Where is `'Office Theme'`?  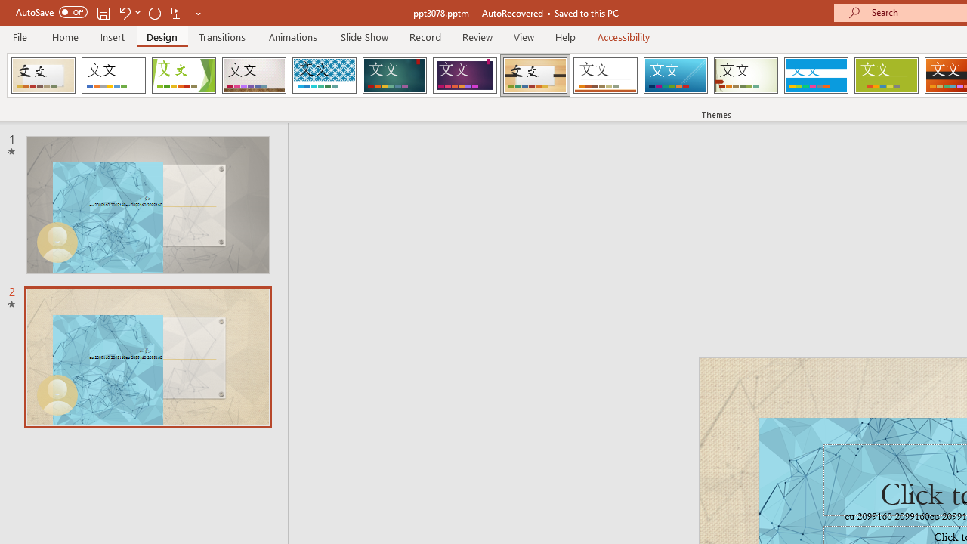 'Office Theme' is located at coordinates (113, 76).